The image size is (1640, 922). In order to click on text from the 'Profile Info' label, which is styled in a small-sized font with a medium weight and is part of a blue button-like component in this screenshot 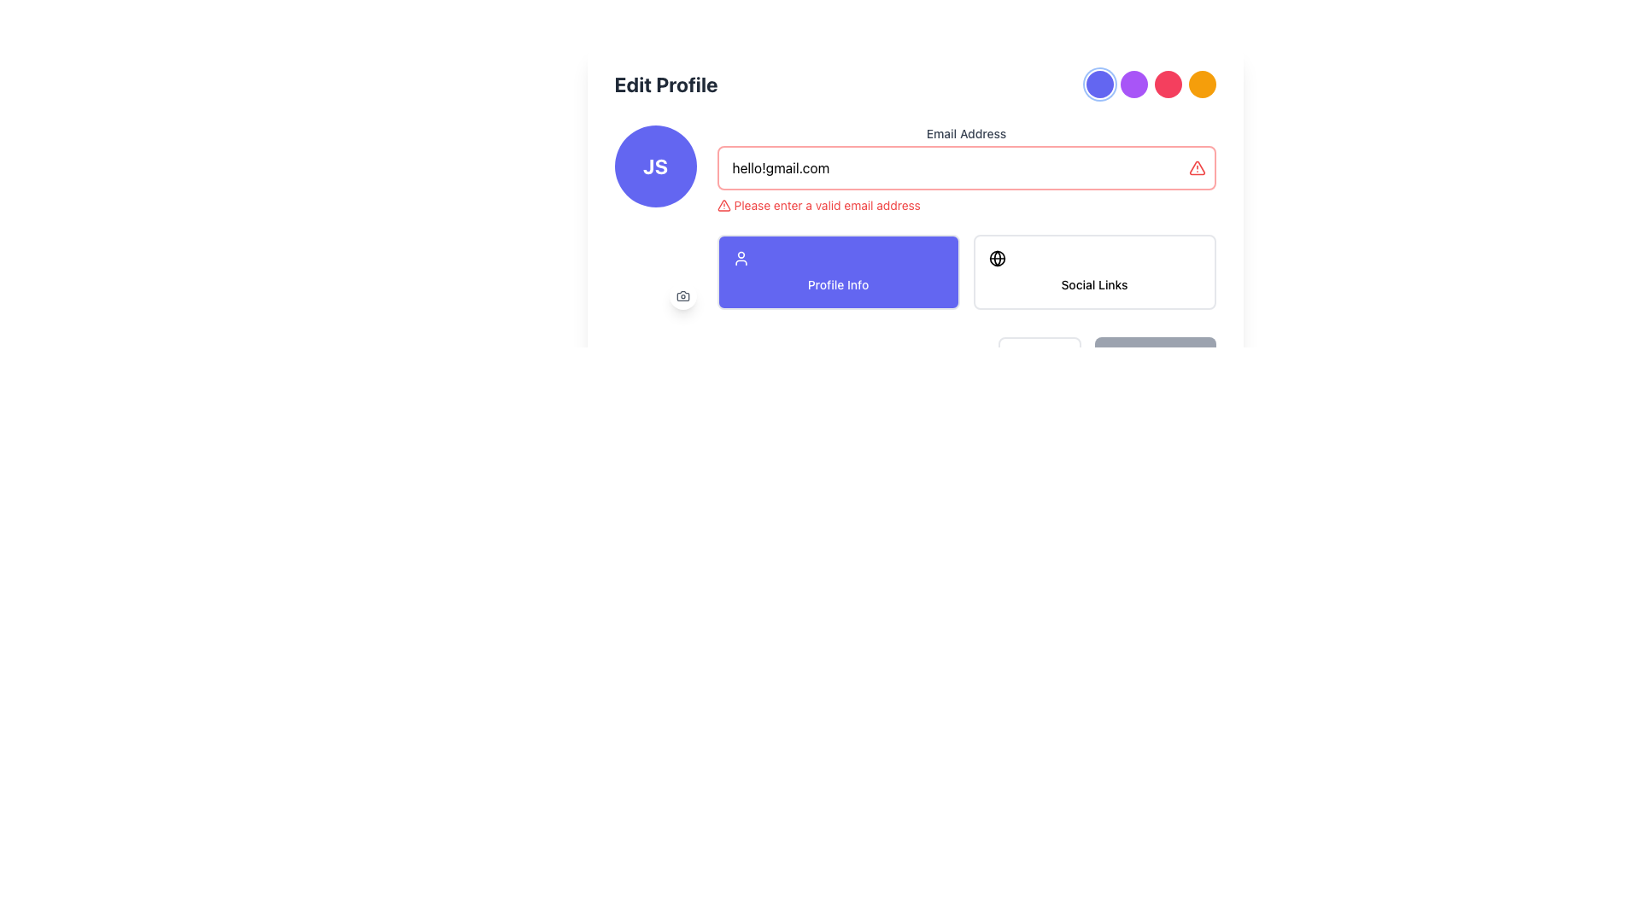, I will do `click(838, 283)`.